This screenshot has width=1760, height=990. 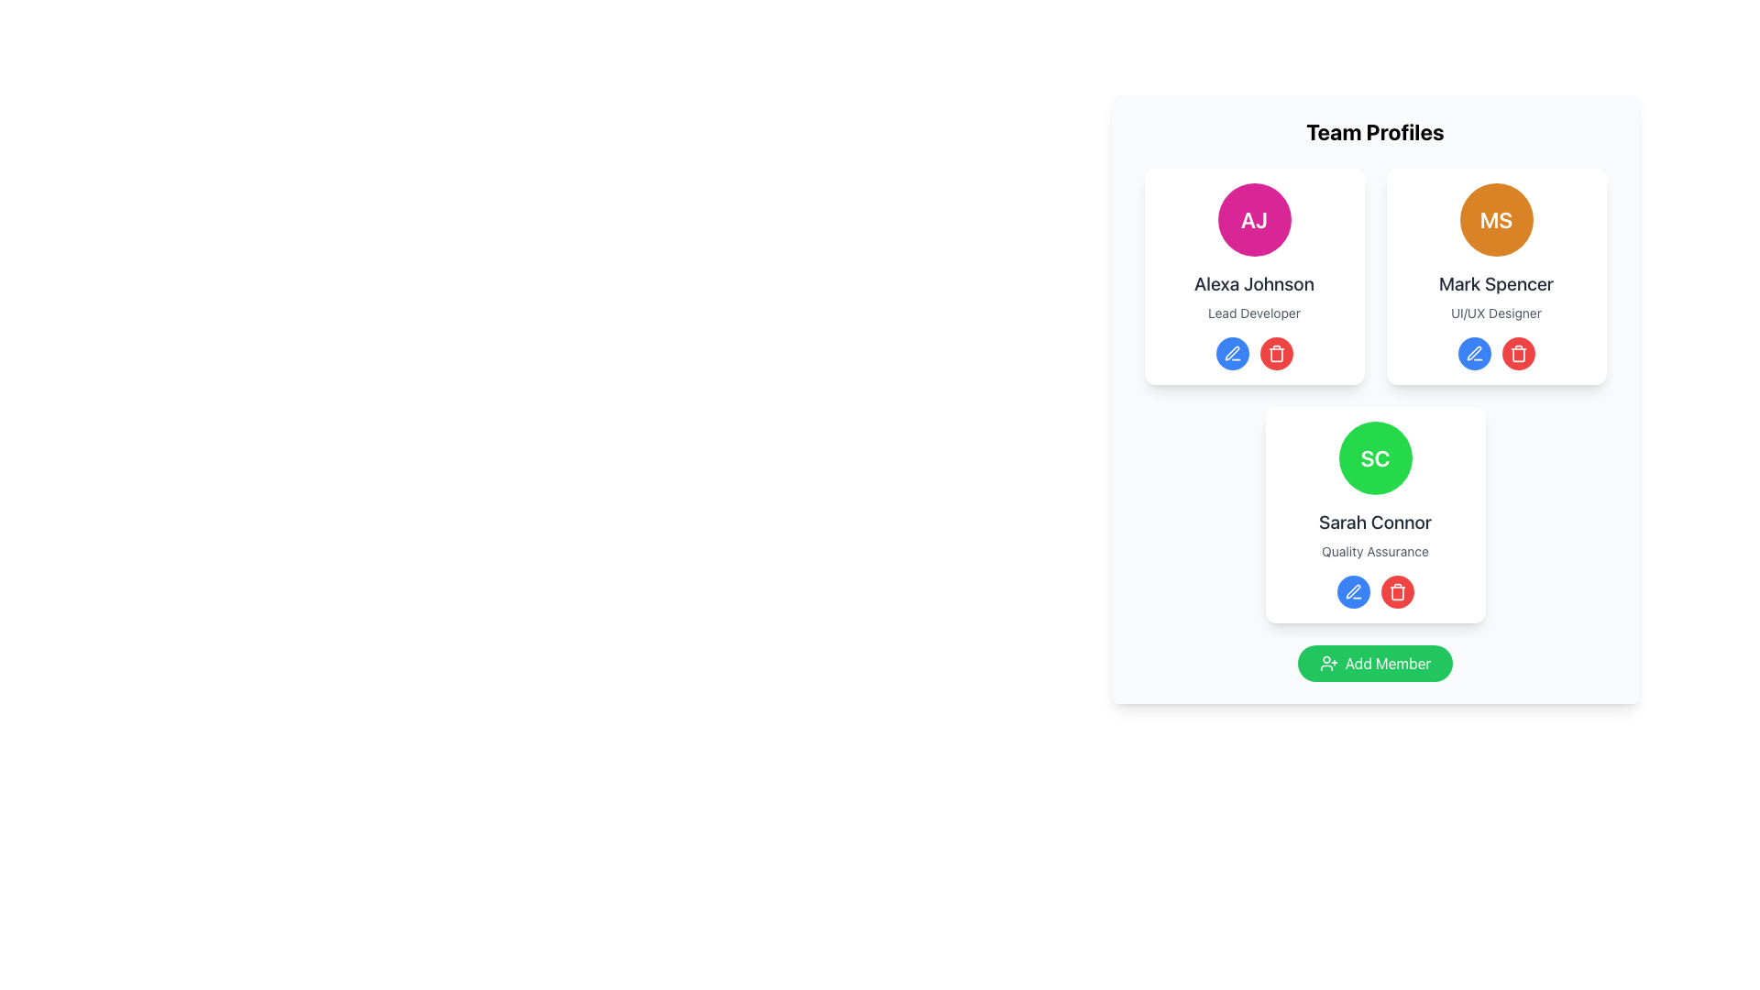 What do you see at coordinates (1275, 353) in the screenshot?
I see `the red circular button with a white trash can icon located under the label 'Alexa Johnson'` at bounding box center [1275, 353].